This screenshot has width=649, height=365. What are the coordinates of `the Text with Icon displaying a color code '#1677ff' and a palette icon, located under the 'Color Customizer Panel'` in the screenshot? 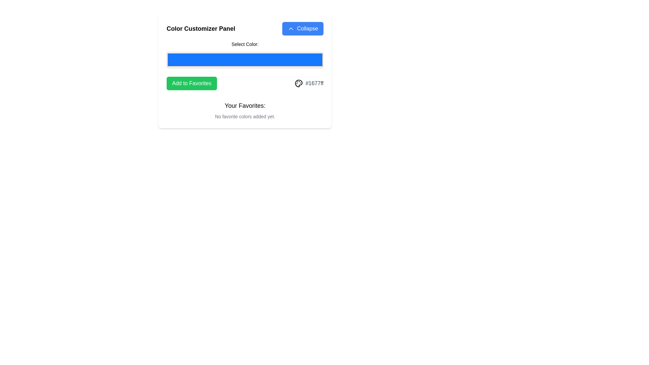 It's located at (309, 83).